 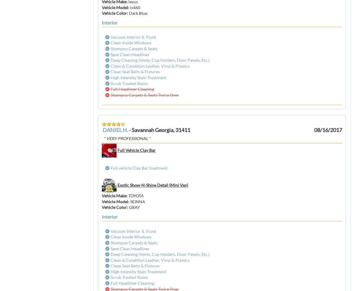 What do you see at coordinates (127, 138) in the screenshot?
I see `'VERY PROFESSIONAL'` at bounding box center [127, 138].